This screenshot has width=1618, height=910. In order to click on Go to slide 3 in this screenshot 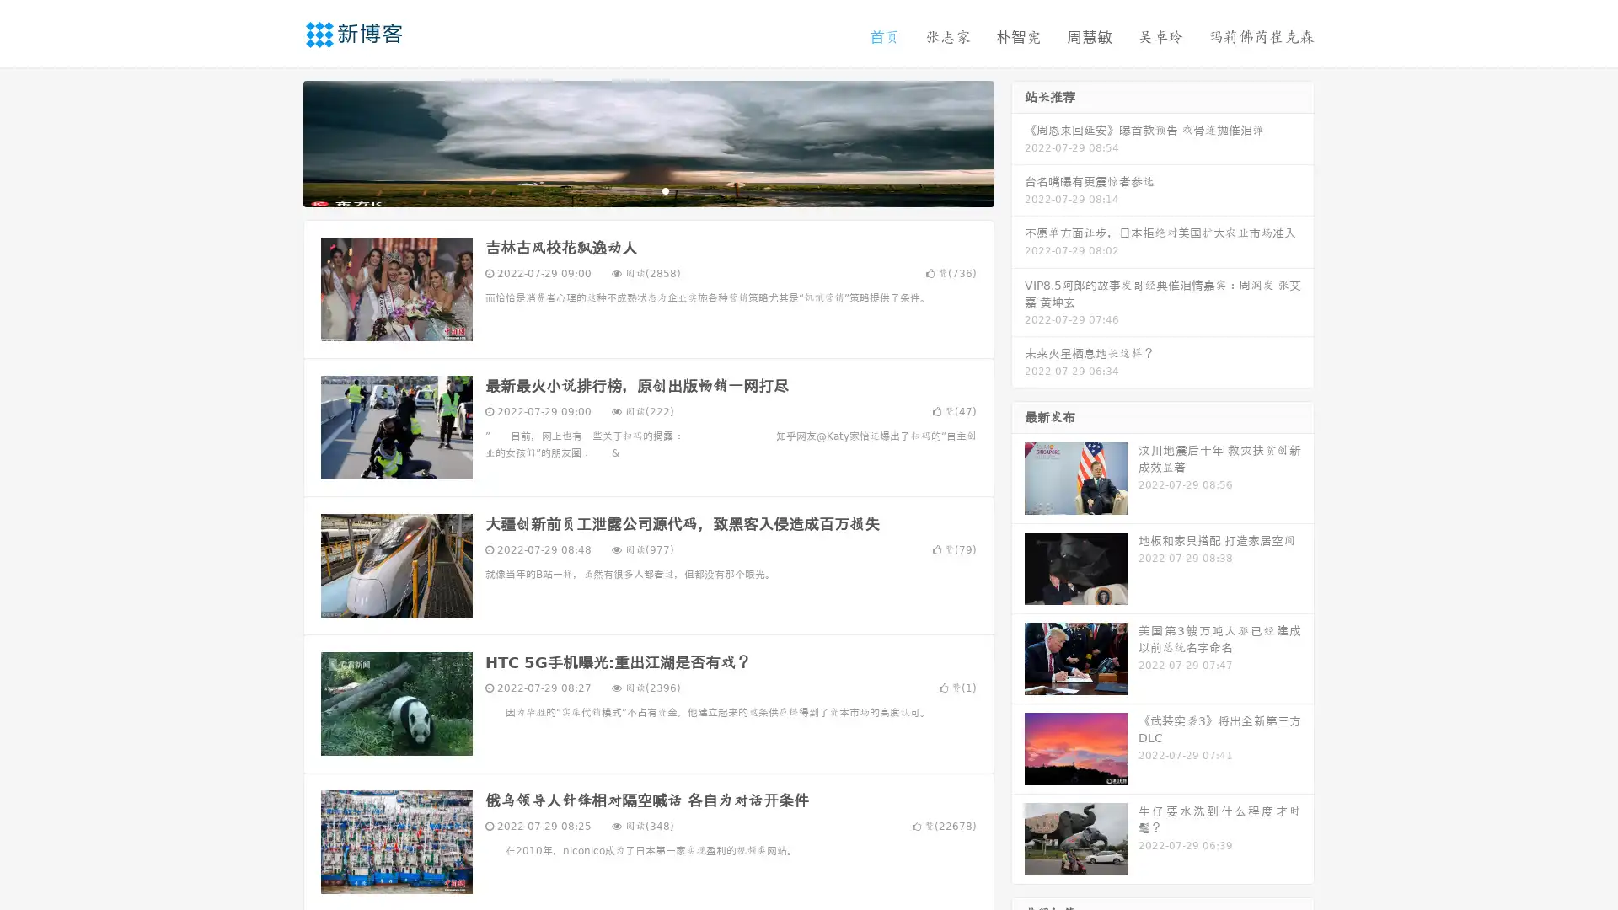, I will do `click(665, 190)`.